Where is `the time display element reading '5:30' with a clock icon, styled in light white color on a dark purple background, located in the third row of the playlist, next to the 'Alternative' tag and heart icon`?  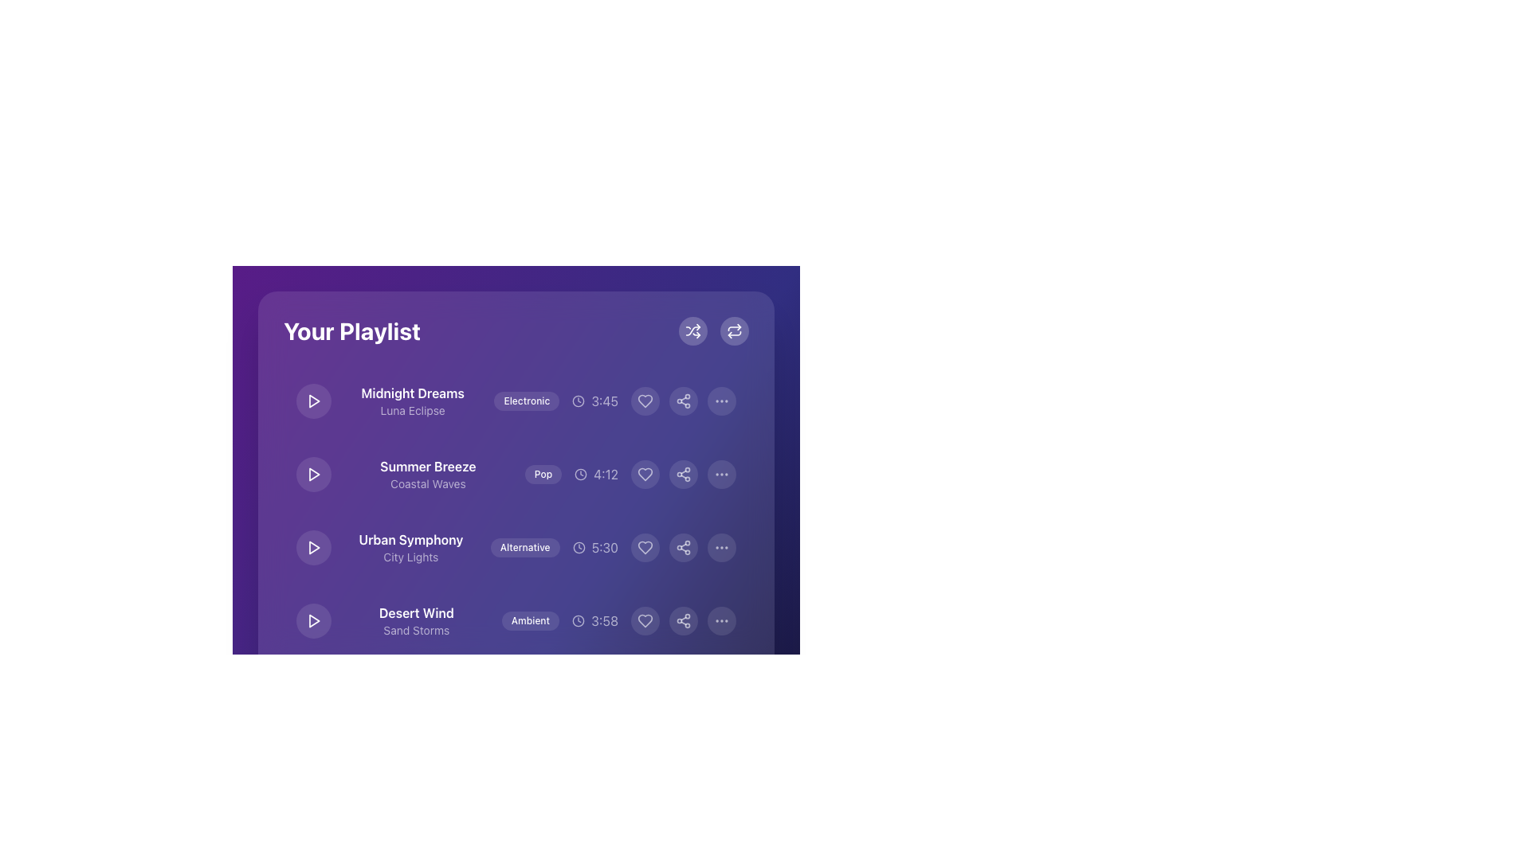
the time display element reading '5:30' with a clock icon, styled in light white color on a dark purple background, located in the third row of the playlist, next to the 'Alternative' tag and heart icon is located at coordinates (594, 546).